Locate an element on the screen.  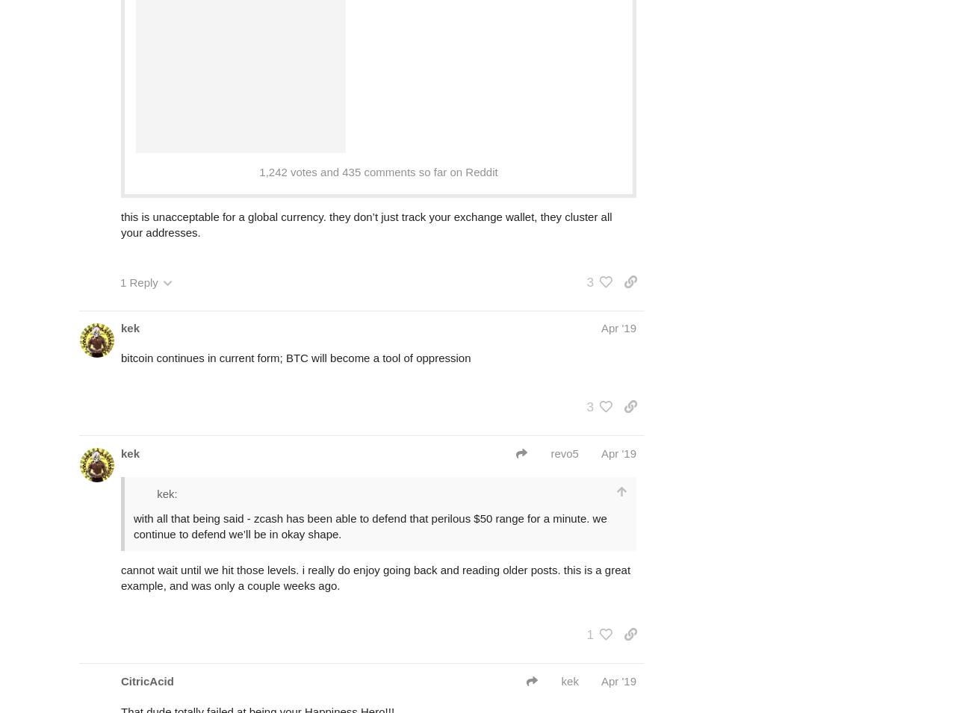
'revo5' is located at coordinates (564, 453).